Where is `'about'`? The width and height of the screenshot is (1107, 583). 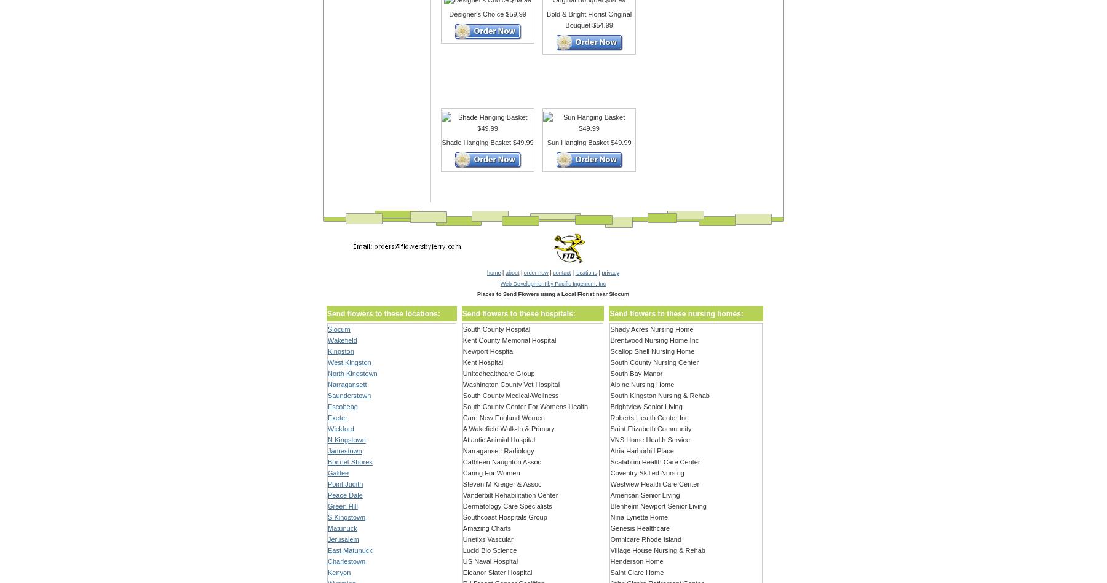
'about' is located at coordinates (512, 273).